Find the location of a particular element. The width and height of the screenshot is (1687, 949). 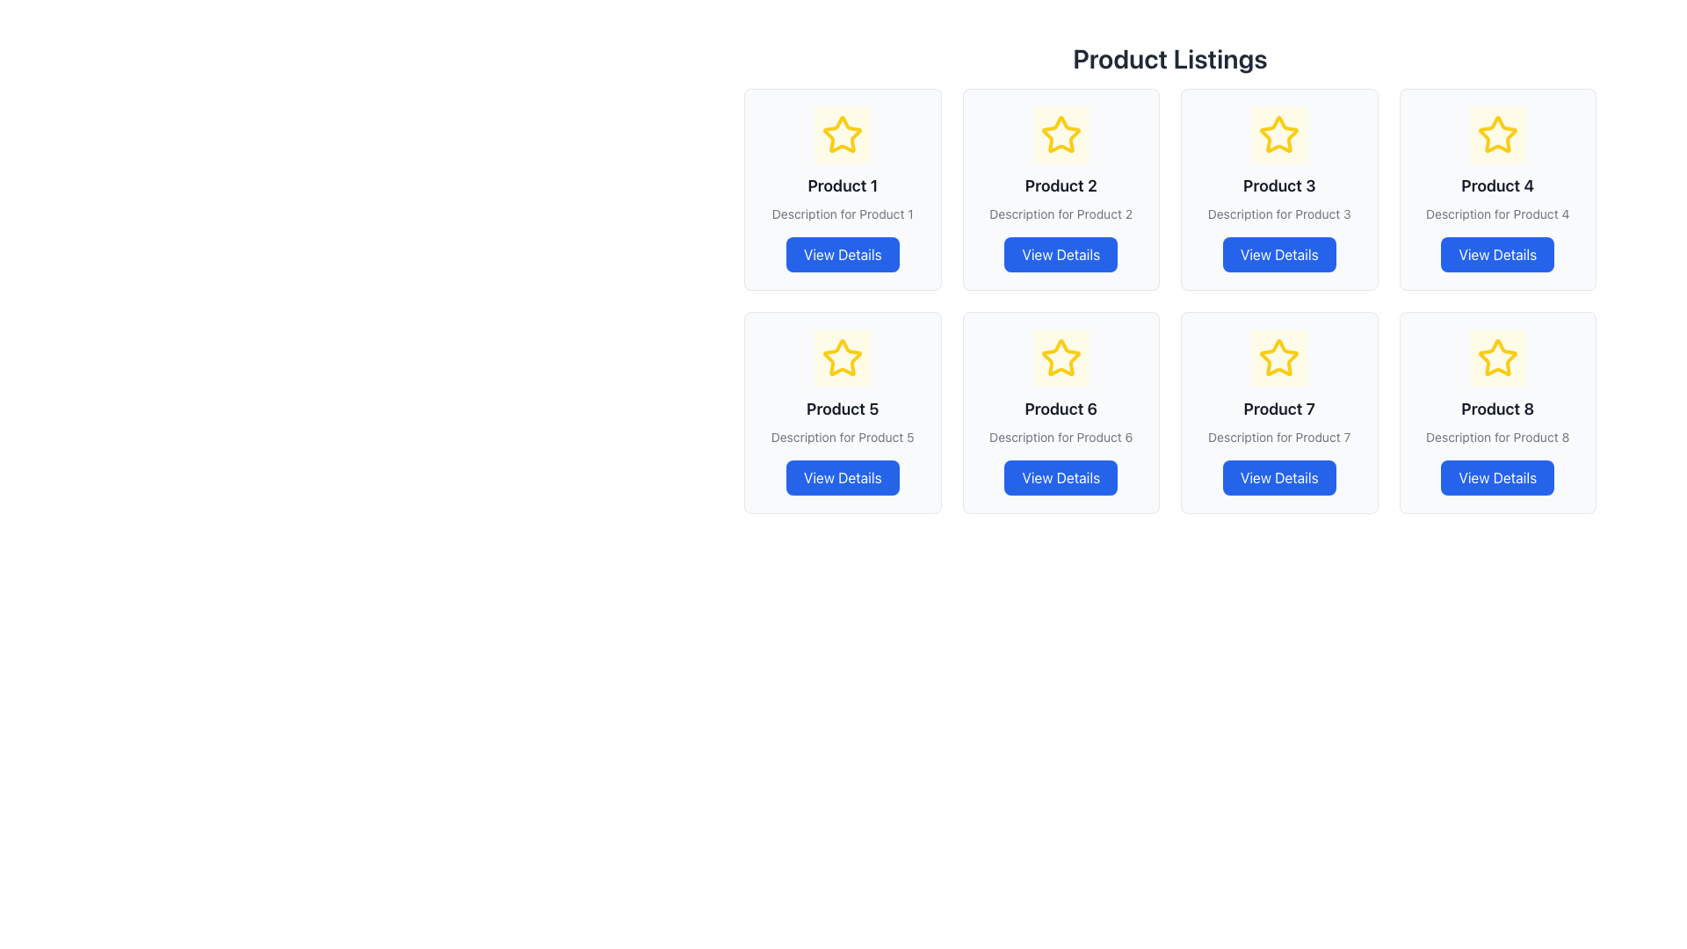

the button located at the lower portion of the card for 'Product 6' is located at coordinates (1060, 477).